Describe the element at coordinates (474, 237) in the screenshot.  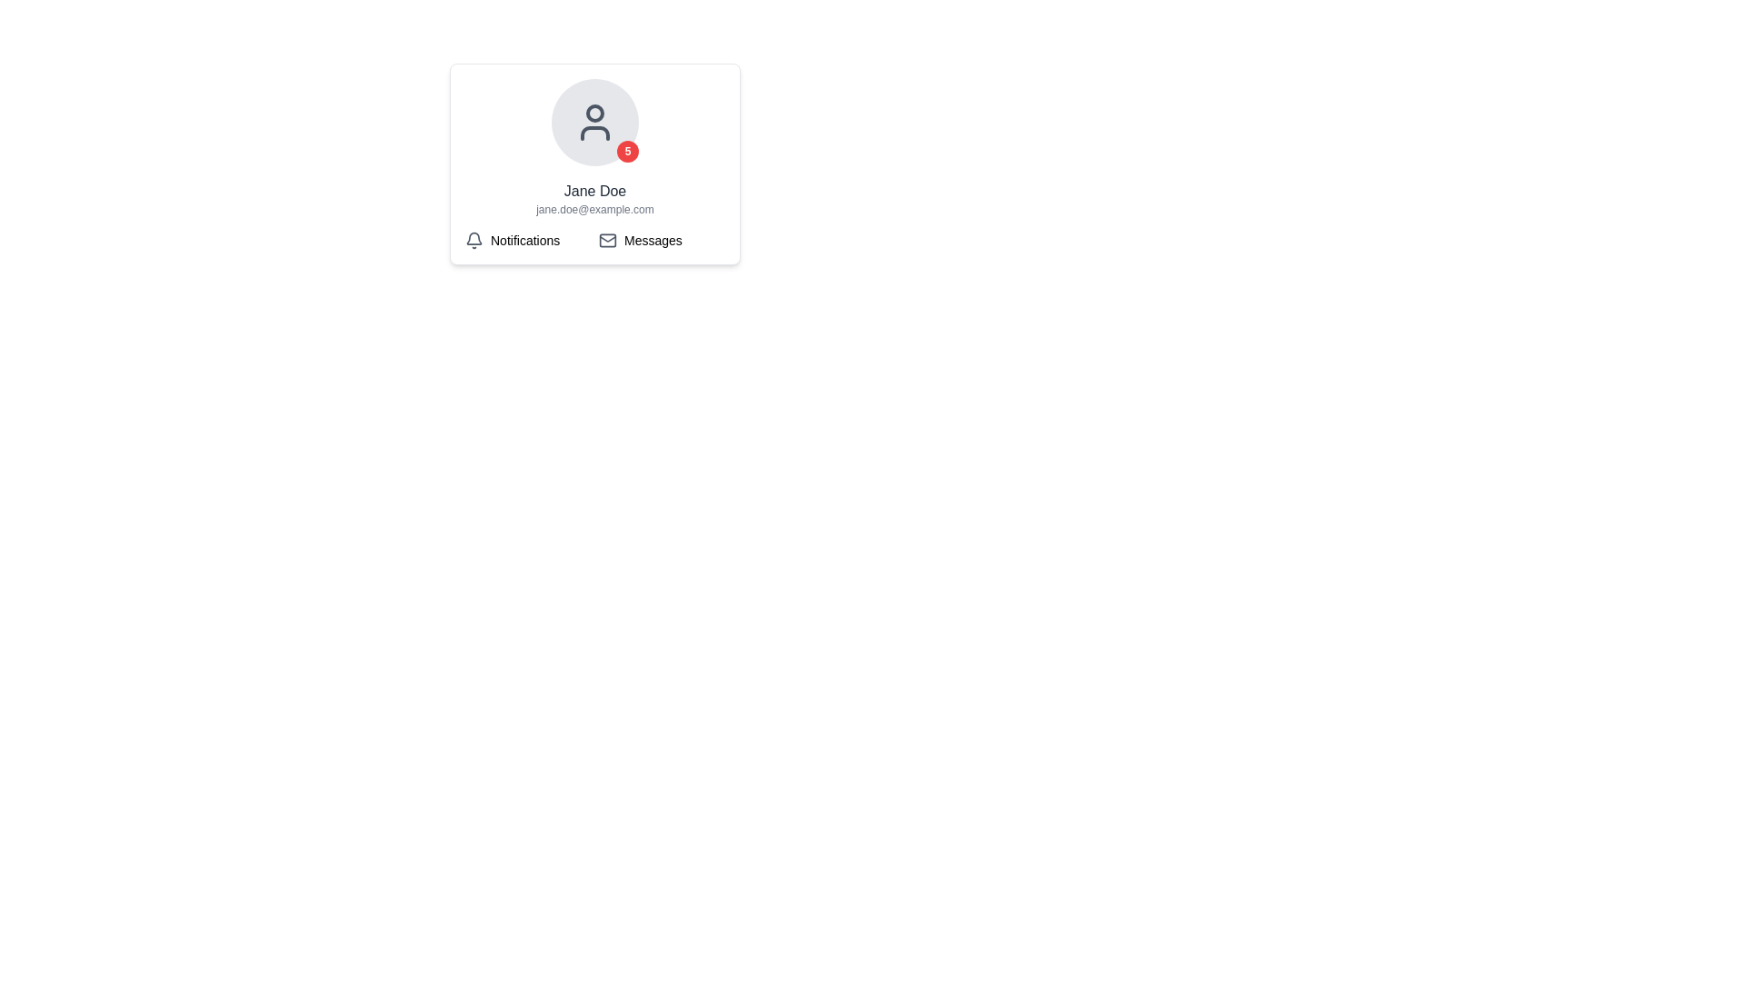
I see `the larger section of the bell icon, which is part of a notification-related icon in the user card interface` at that location.